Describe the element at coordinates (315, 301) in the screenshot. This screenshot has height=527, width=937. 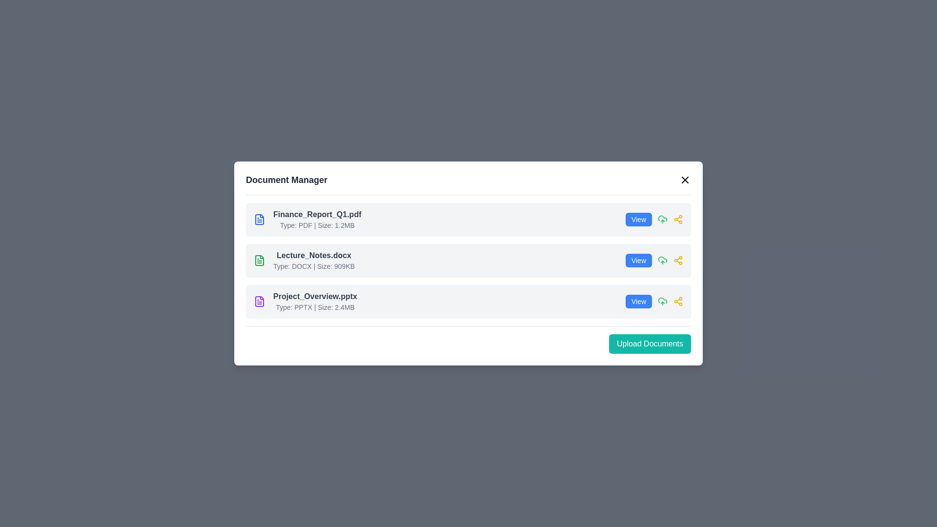
I see `the document name 'Project_Overview.pptx'` at that location.